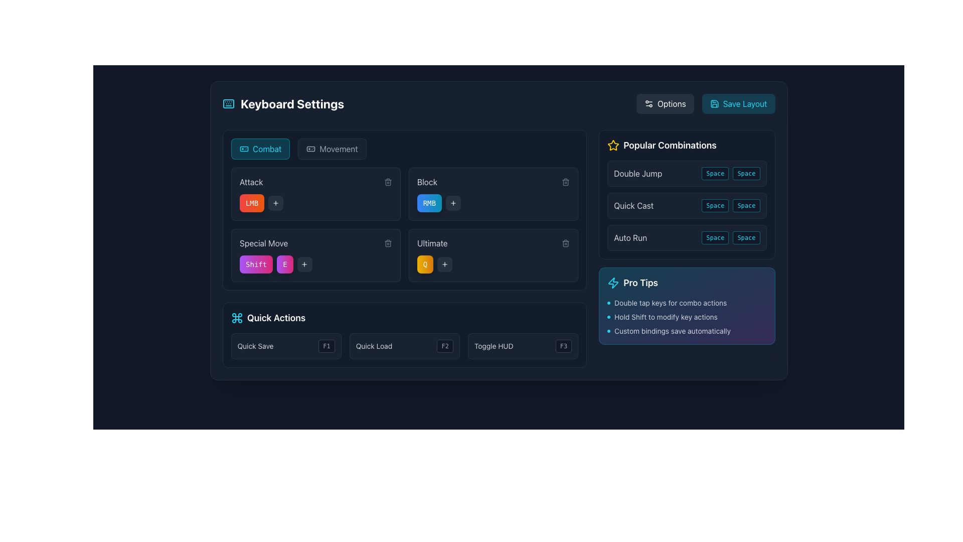  What do you see at coordinates (453, 203) in the screenshot?
I see `the plus icon button located in the bottom-right corner of the 'Attack' subsection in the 'Keyboard Settings' interface` at bounding box center [453, 203].